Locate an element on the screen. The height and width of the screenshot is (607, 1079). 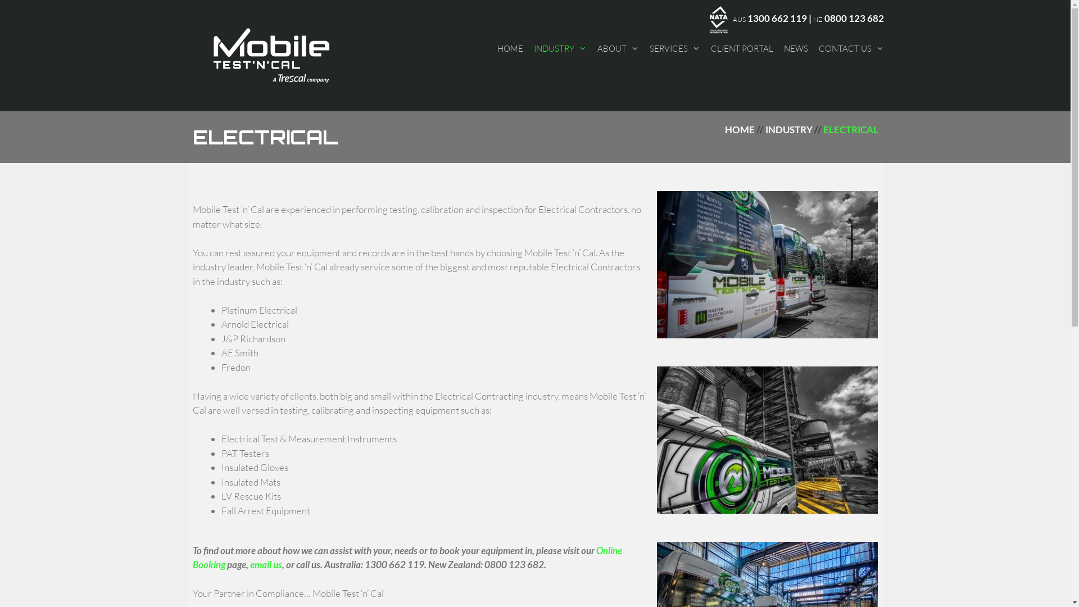
'Online Booking ' is located at coordinates (406, 557).